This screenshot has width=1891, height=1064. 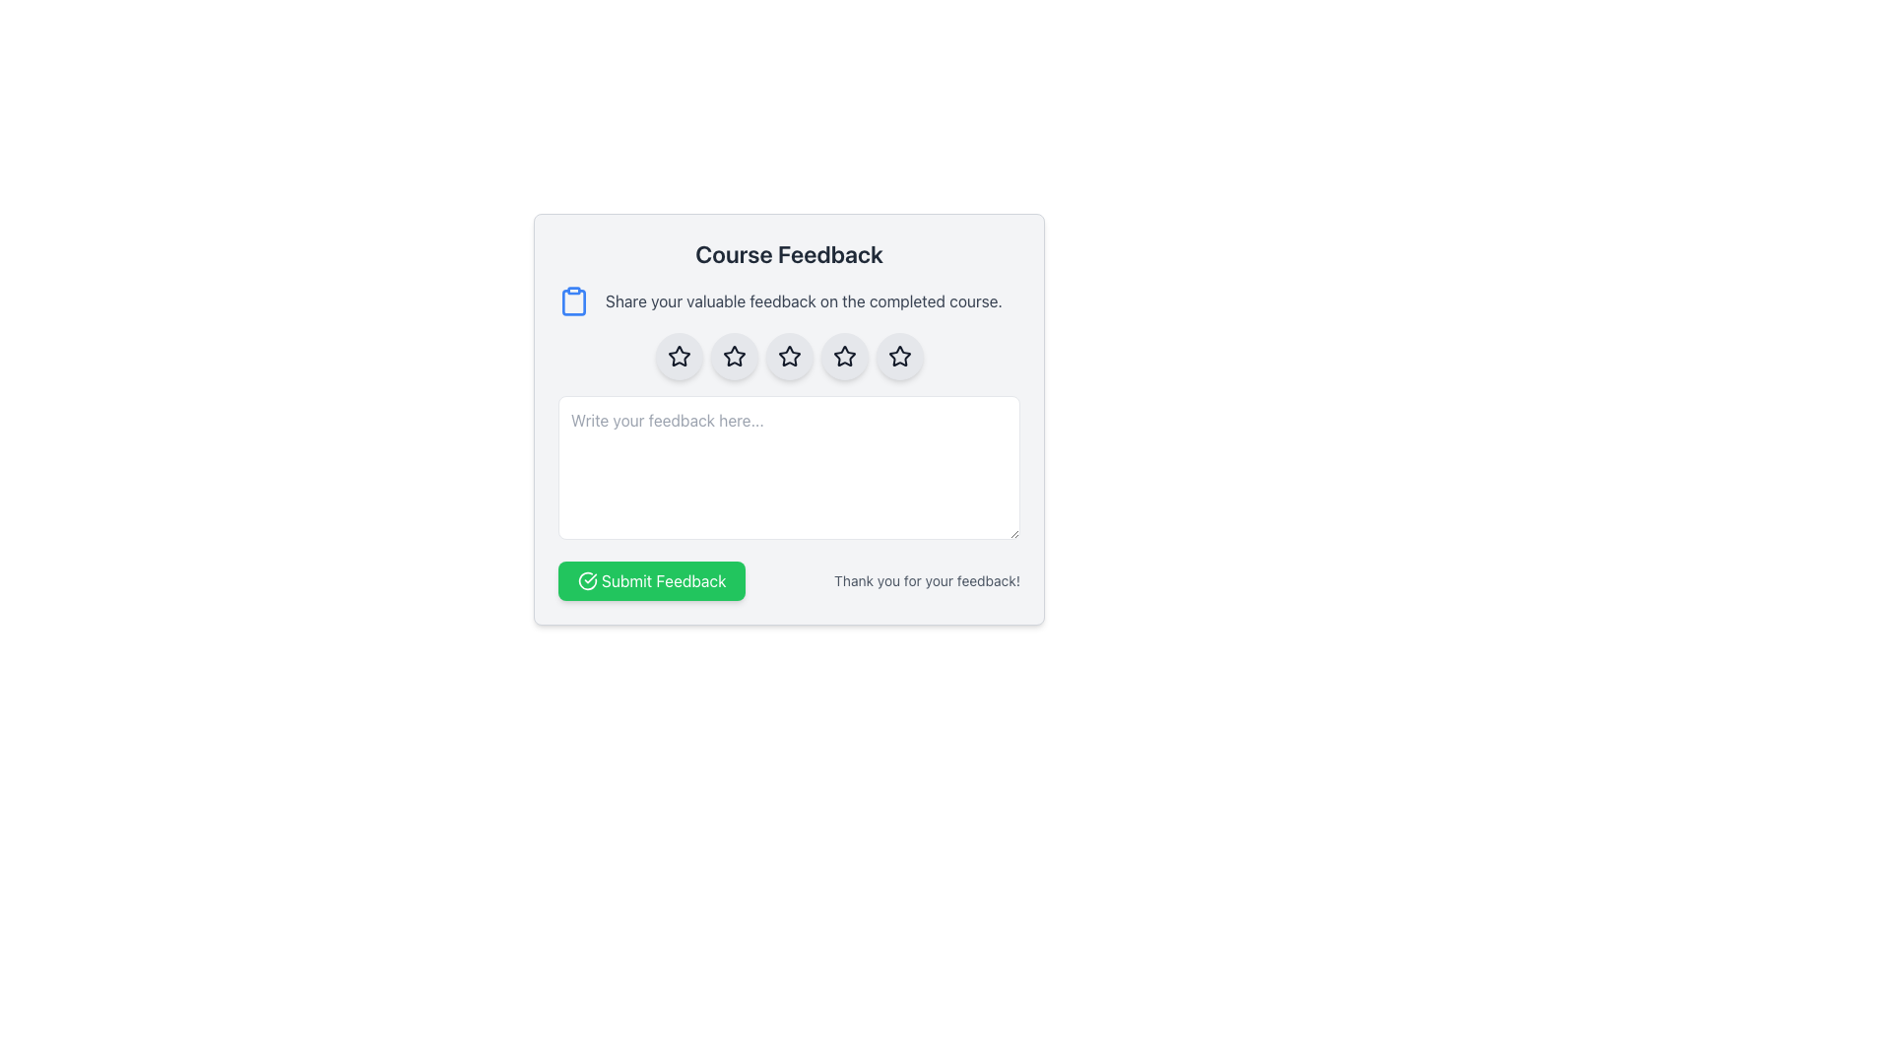 What do you see at coordinates (844, 357) in the screenshot?
I see `the highlighted star icon` at bounding box center [844, 357].